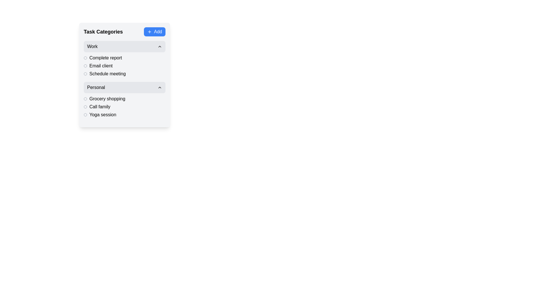 The height and width of the screenshot is (307, 545). I want to click on the small gray circle icon located to the left of the 'Schedule meeting' text in the 'Work' category section, so click(85, 73).